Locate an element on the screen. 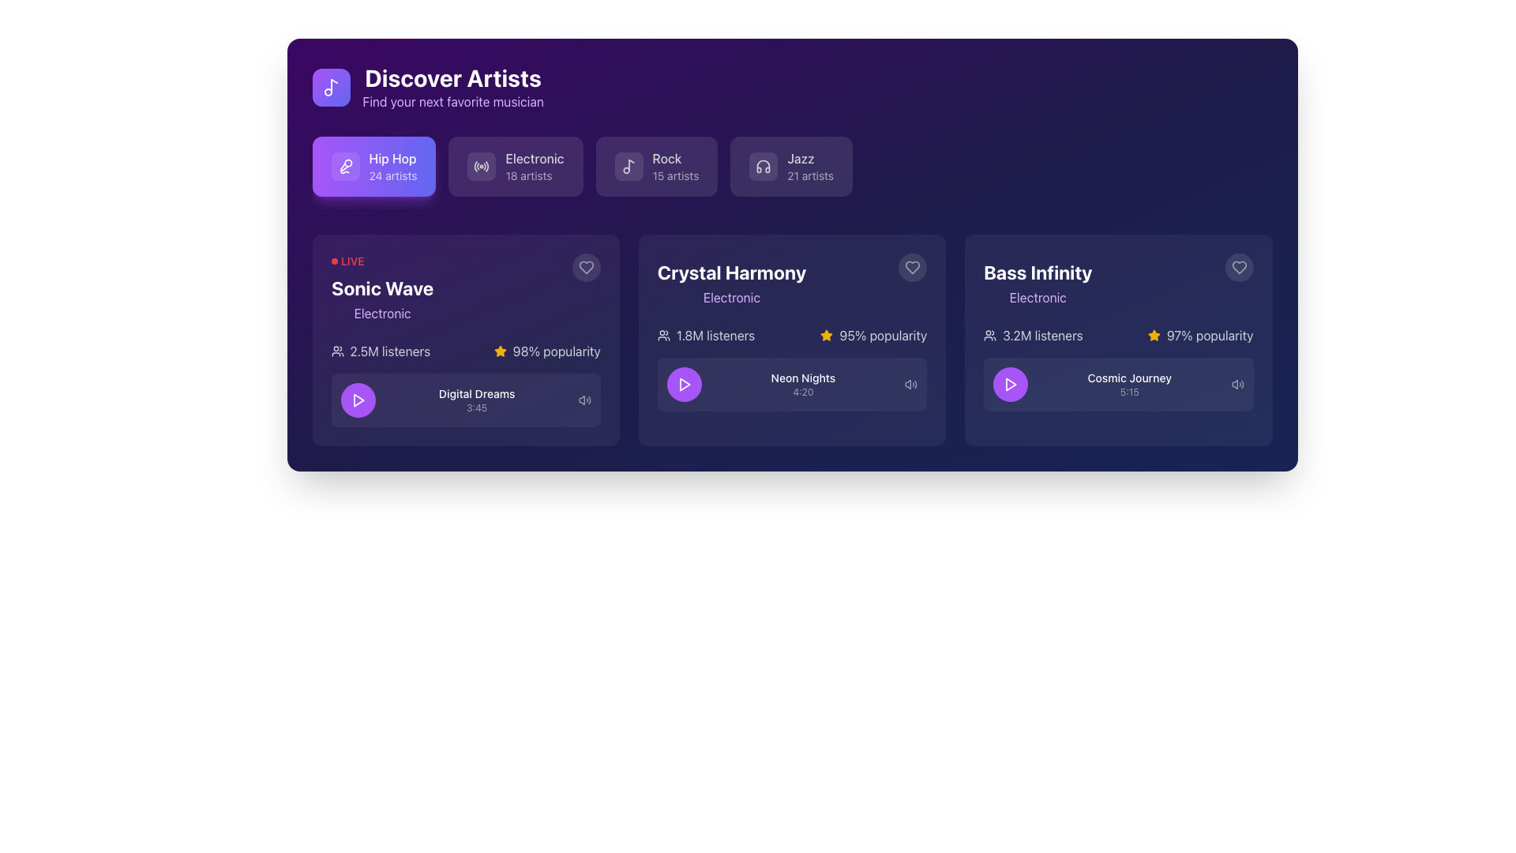 This screenshot has width=1516, height=853. the static text label displaying 'Neon Nights' which is styled in white on a dark blue background, located within the 'Crystal Harmony' card, below the purple play button and above the duration text is located at coordinates (803, 378).